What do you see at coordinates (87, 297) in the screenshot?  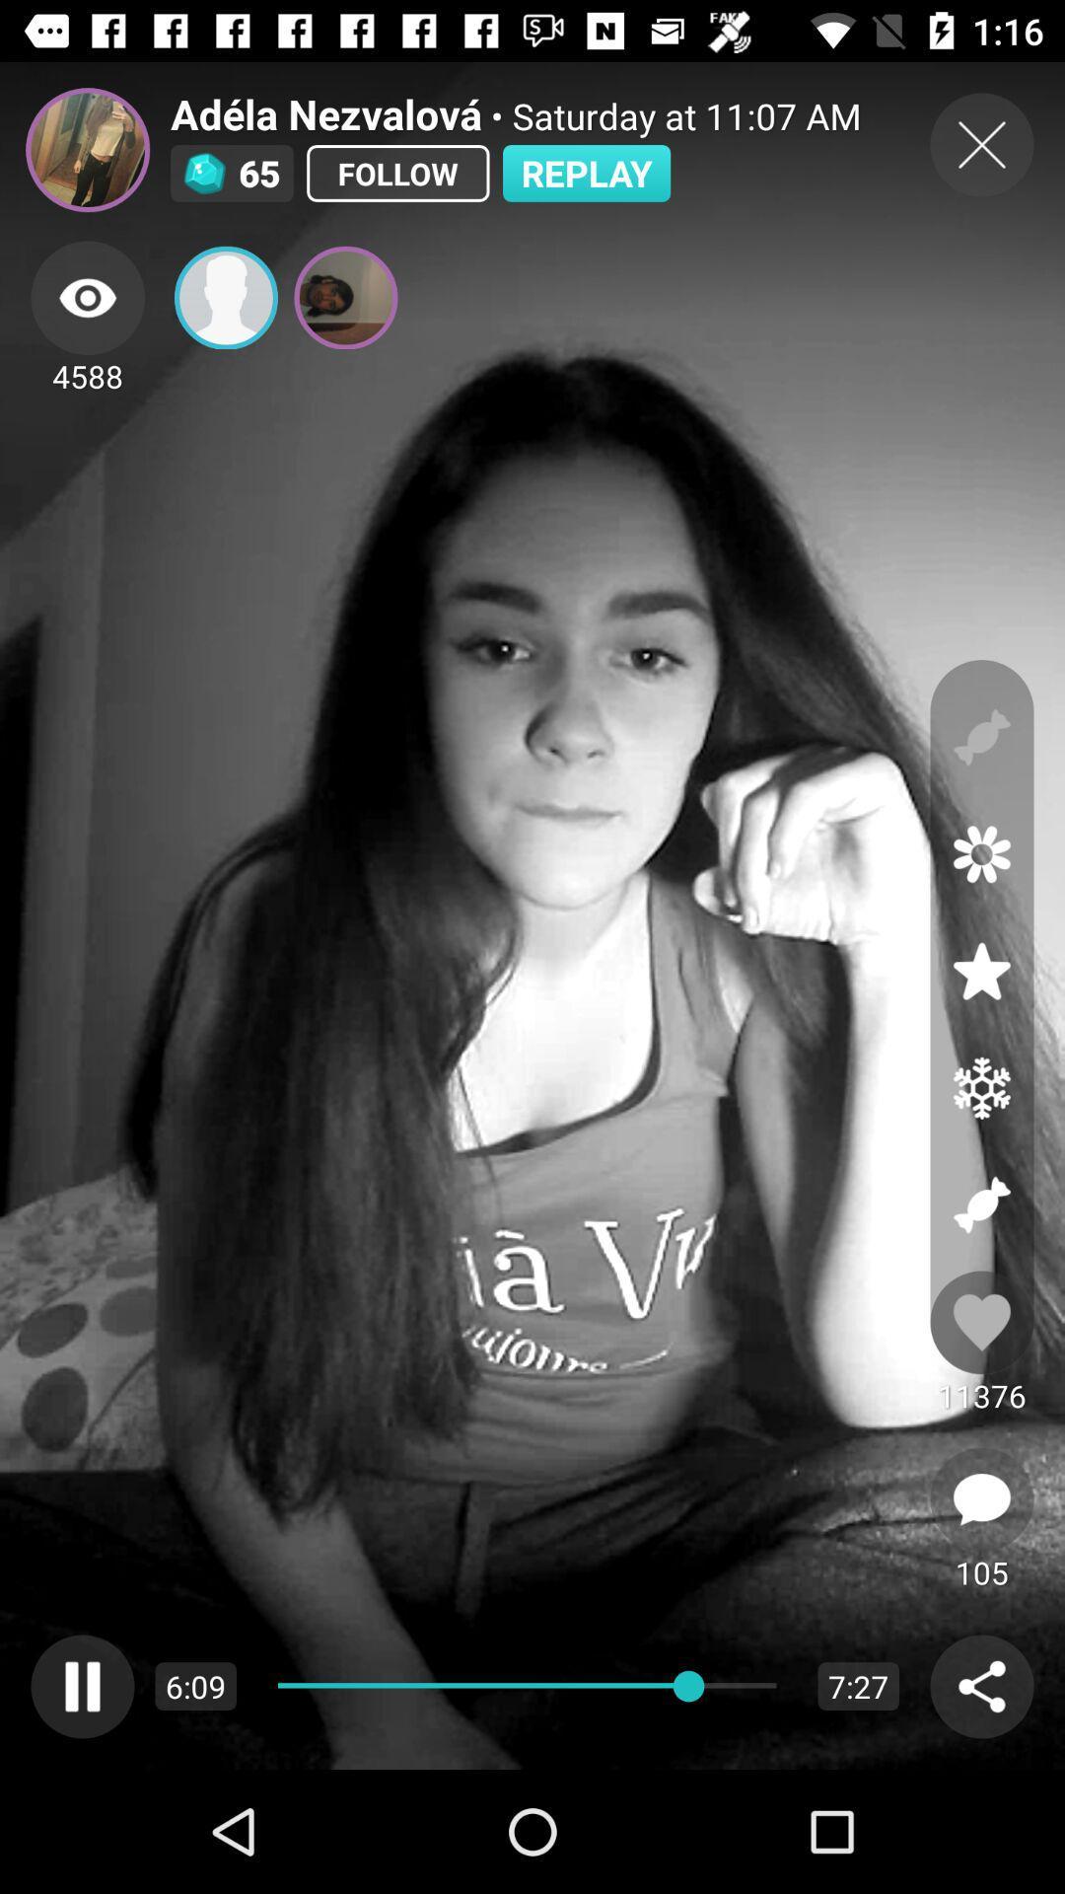 I see `views option` at bounding box center [87, 297].